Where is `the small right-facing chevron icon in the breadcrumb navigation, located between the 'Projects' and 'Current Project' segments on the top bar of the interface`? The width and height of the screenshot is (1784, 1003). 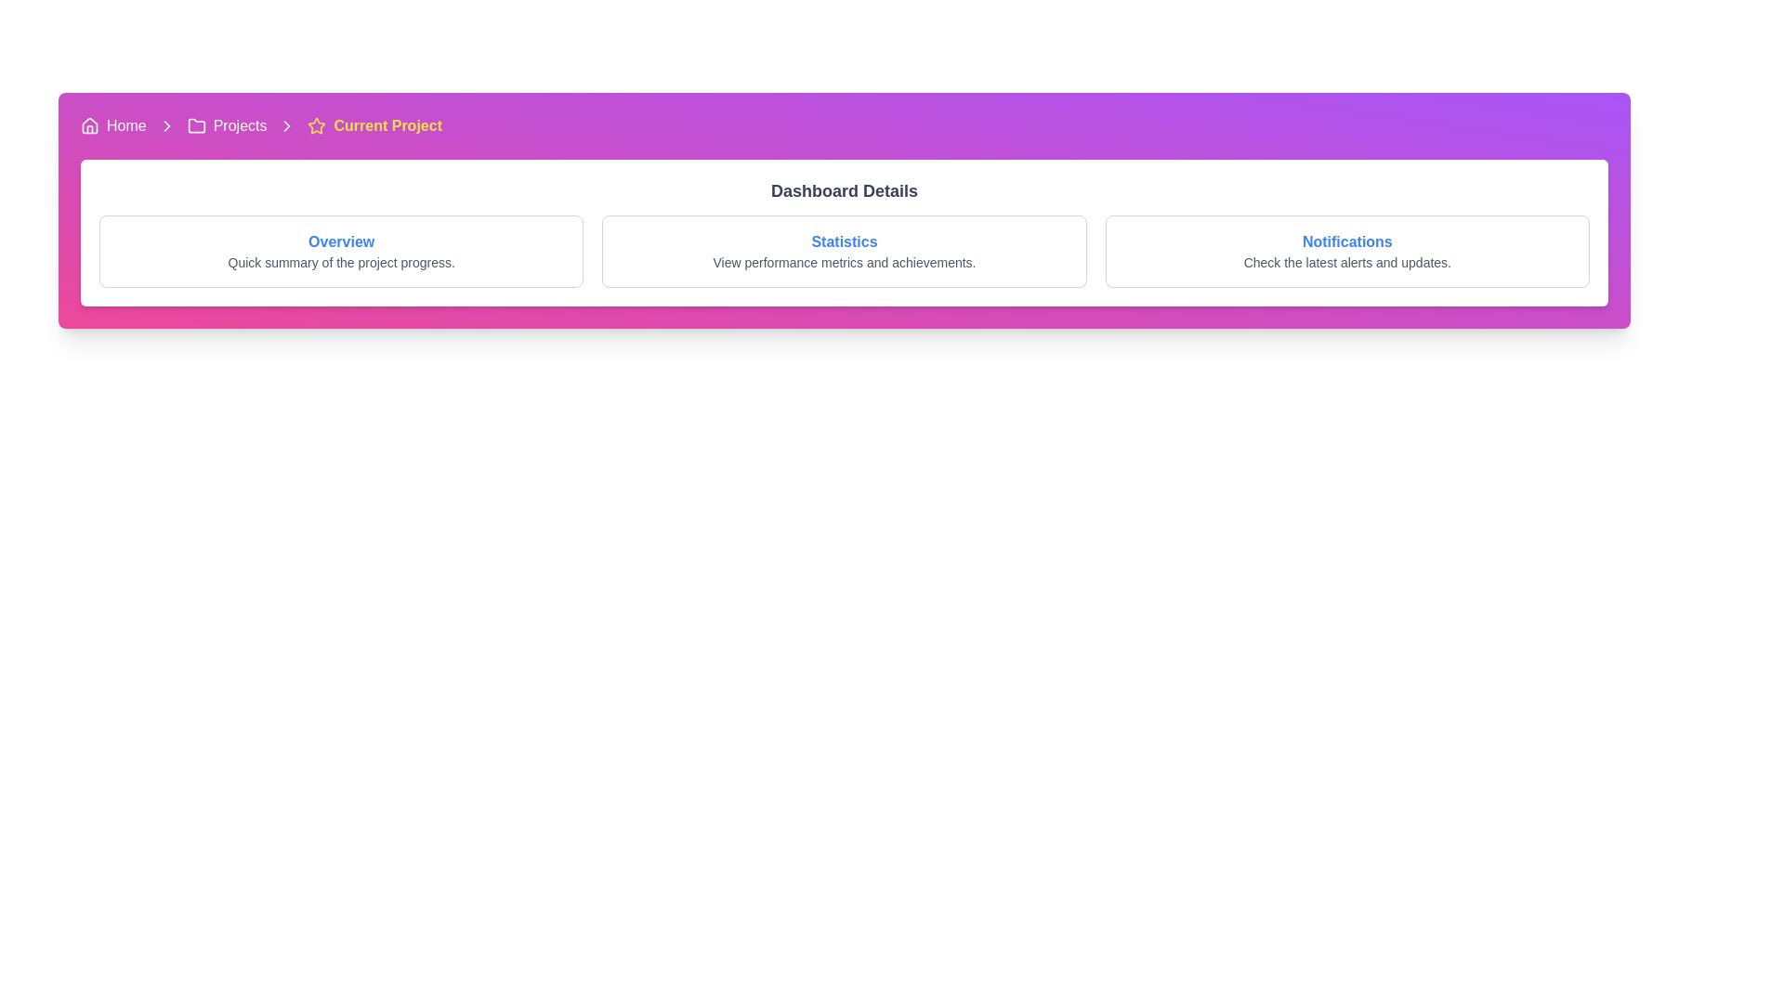
the small right-facing chevron icon in the breadcrumb navigation, located between the 'Projects' and 'Current Project' segments on the top bar of the interface is located at coordinates (166, 125).